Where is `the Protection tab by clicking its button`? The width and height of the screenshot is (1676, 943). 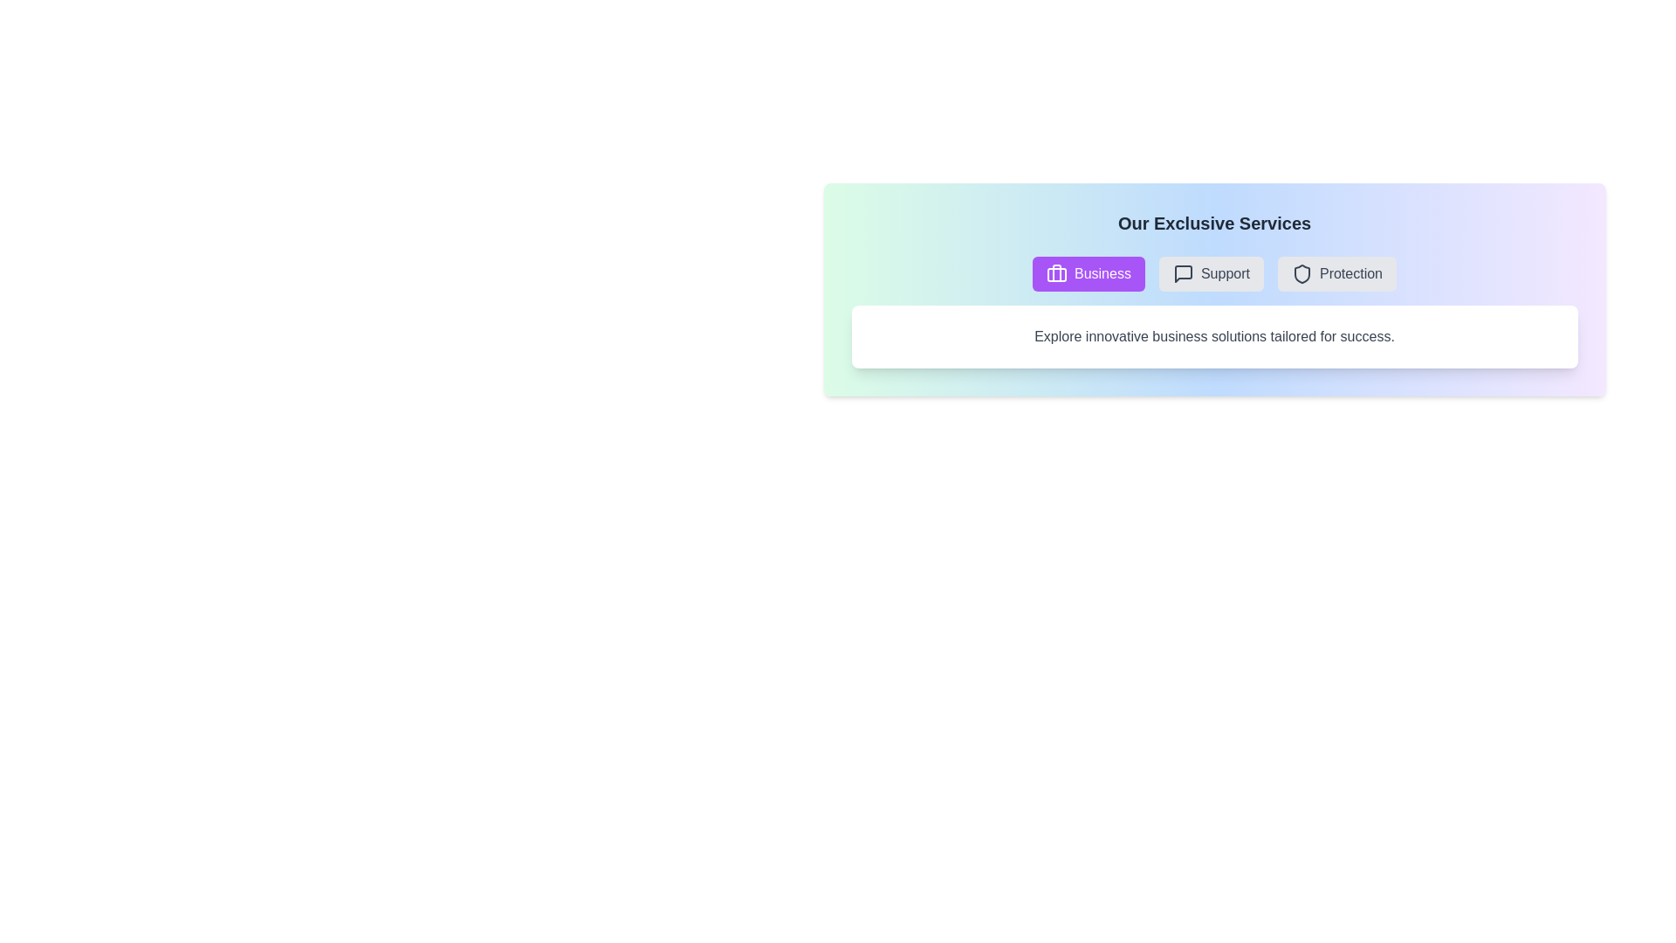
the Protection tab by clicking its button is located at coordinates (1336, 273).